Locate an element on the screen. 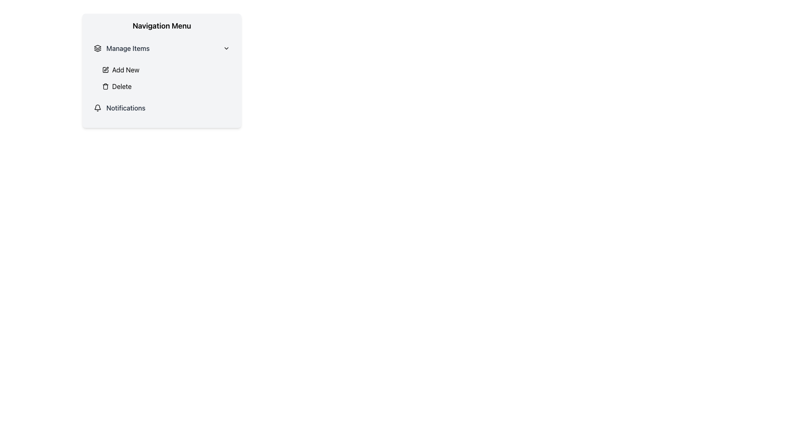  the first selectable text label in the 'Navigation Menu' is located at coordinates (128, 48).